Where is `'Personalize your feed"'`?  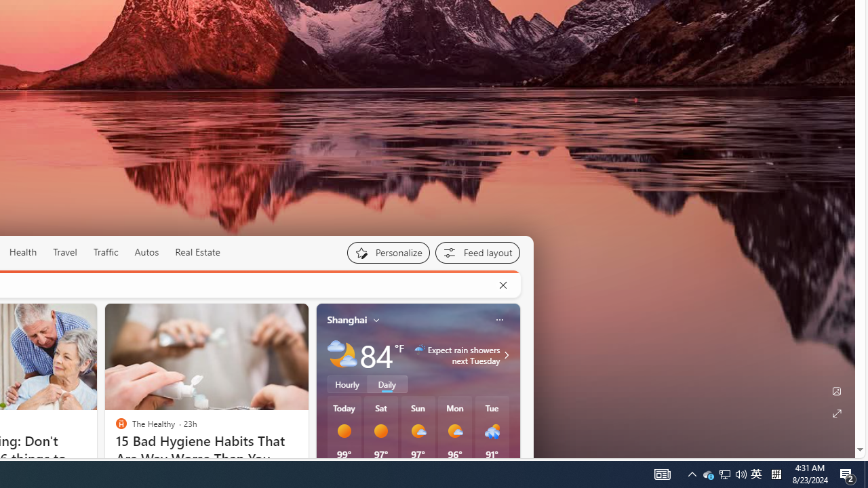
'Personalize your feed"' is located at coordinates (387, 252).